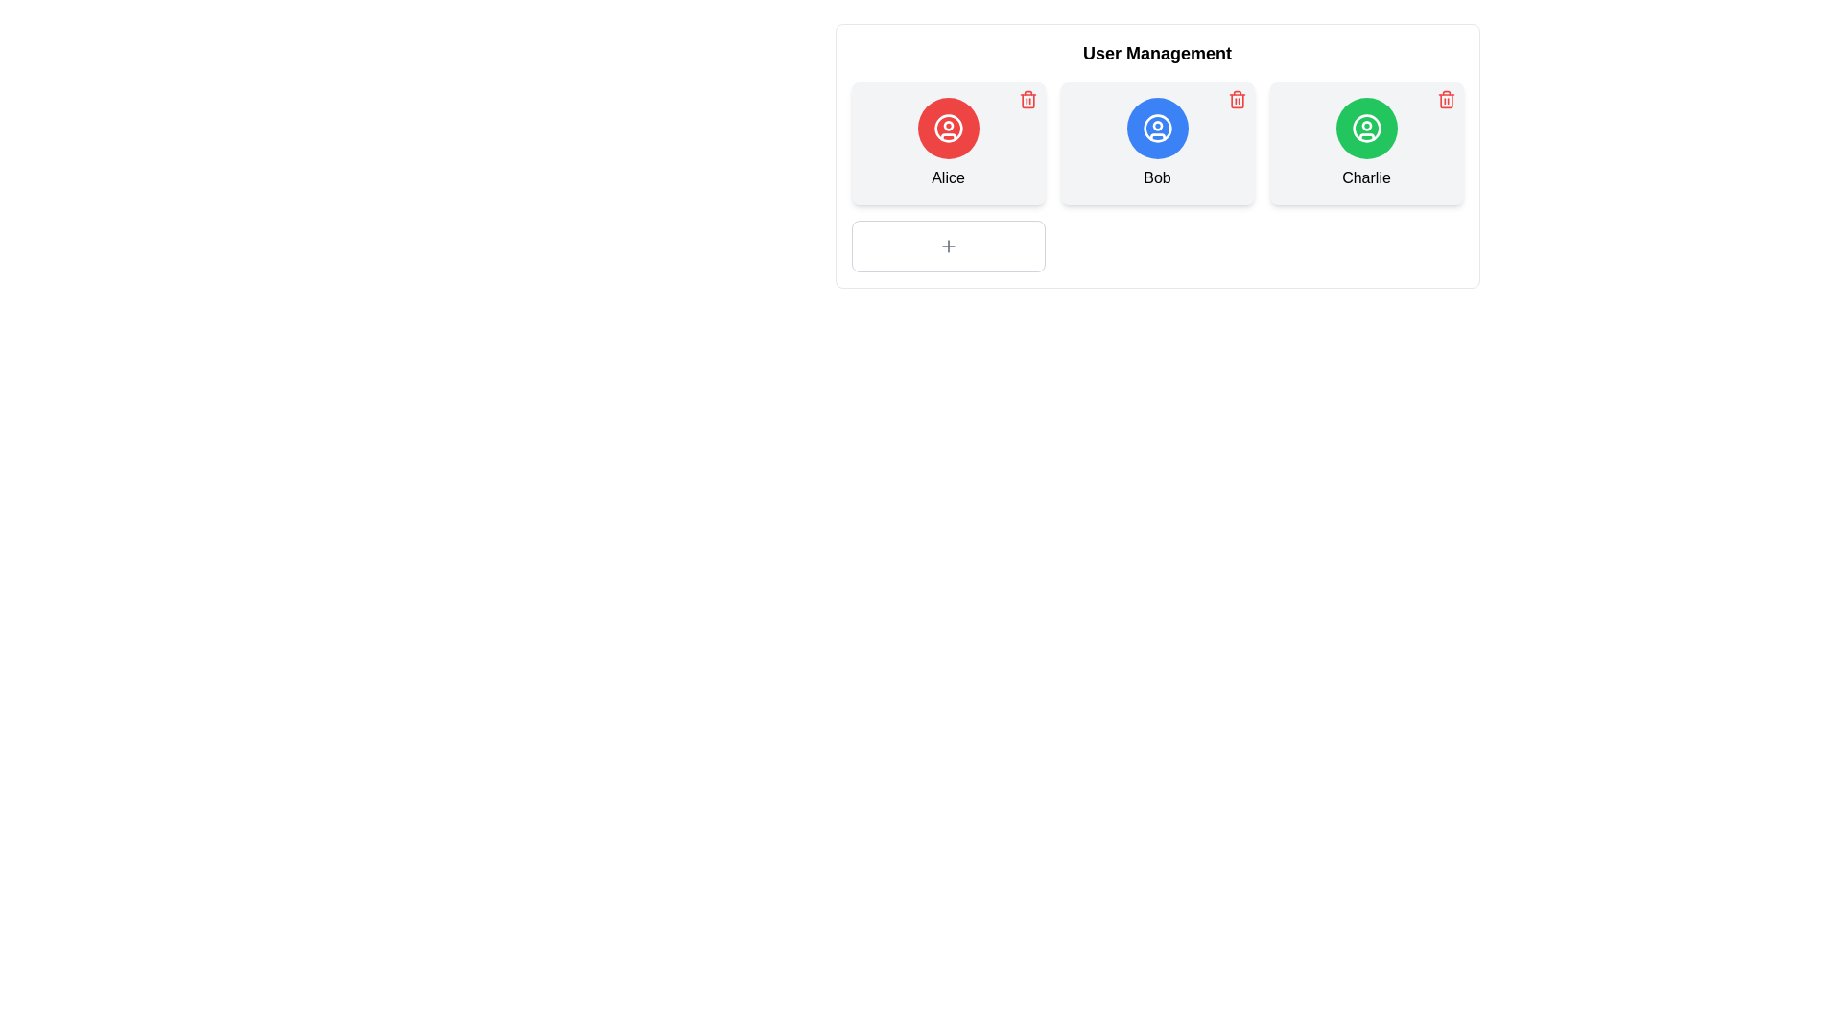  Describe the element at coordinates (1365, 177) in the screenshot. I see `text displayed in the label located at the bottom-center of the third user card, which is aligned with the cards labeled 'Alice' and 'Bob'` at that location.